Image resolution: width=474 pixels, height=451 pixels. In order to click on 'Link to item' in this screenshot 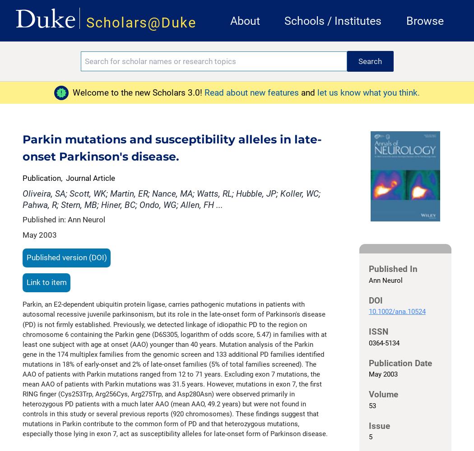, I will do `click(25, 282)`.